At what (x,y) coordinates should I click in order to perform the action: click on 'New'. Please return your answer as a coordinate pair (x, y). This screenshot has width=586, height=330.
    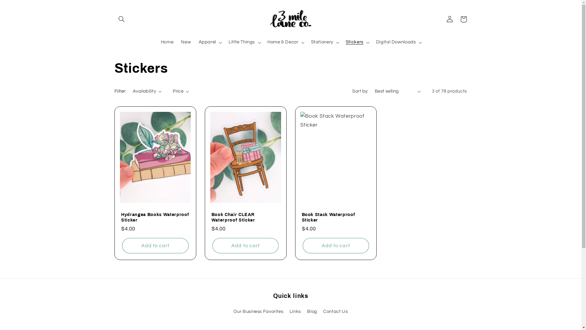
    Looking at the image, I should click on (186, 42).